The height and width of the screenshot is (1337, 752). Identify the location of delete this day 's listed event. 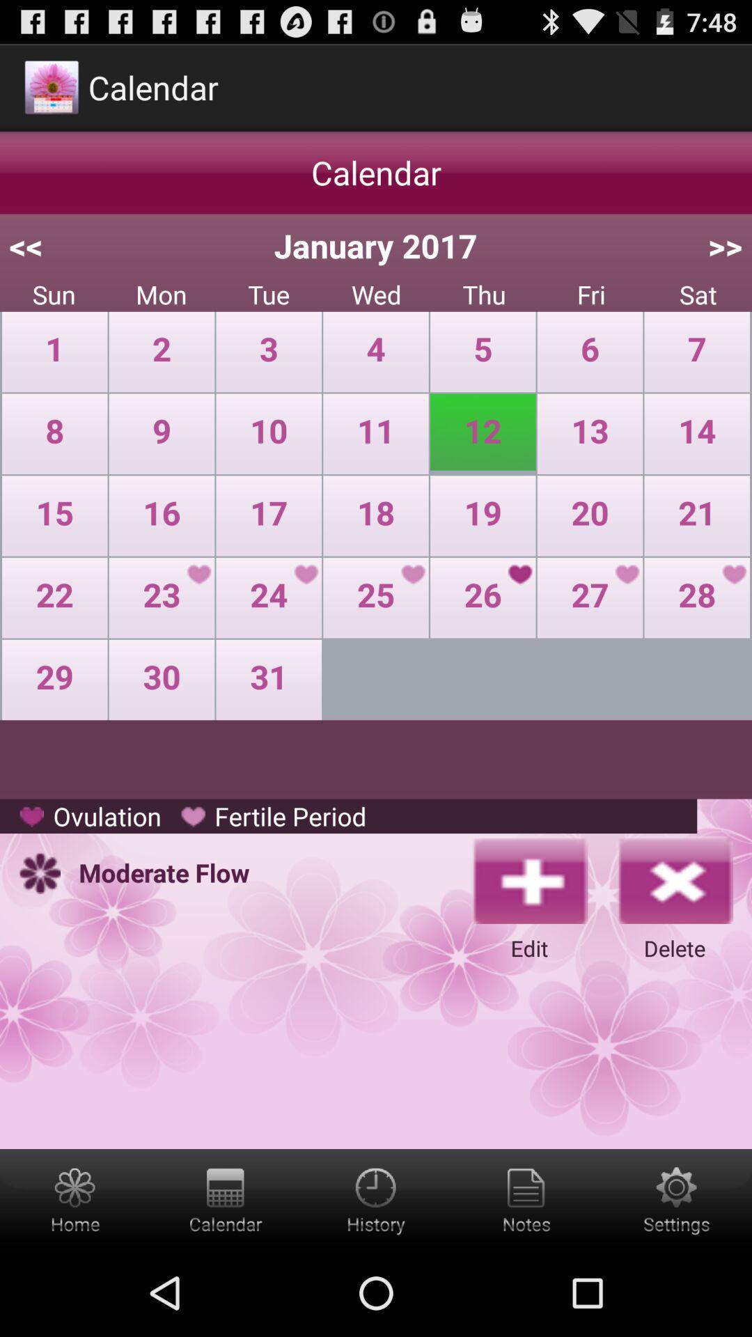
(673, 879).